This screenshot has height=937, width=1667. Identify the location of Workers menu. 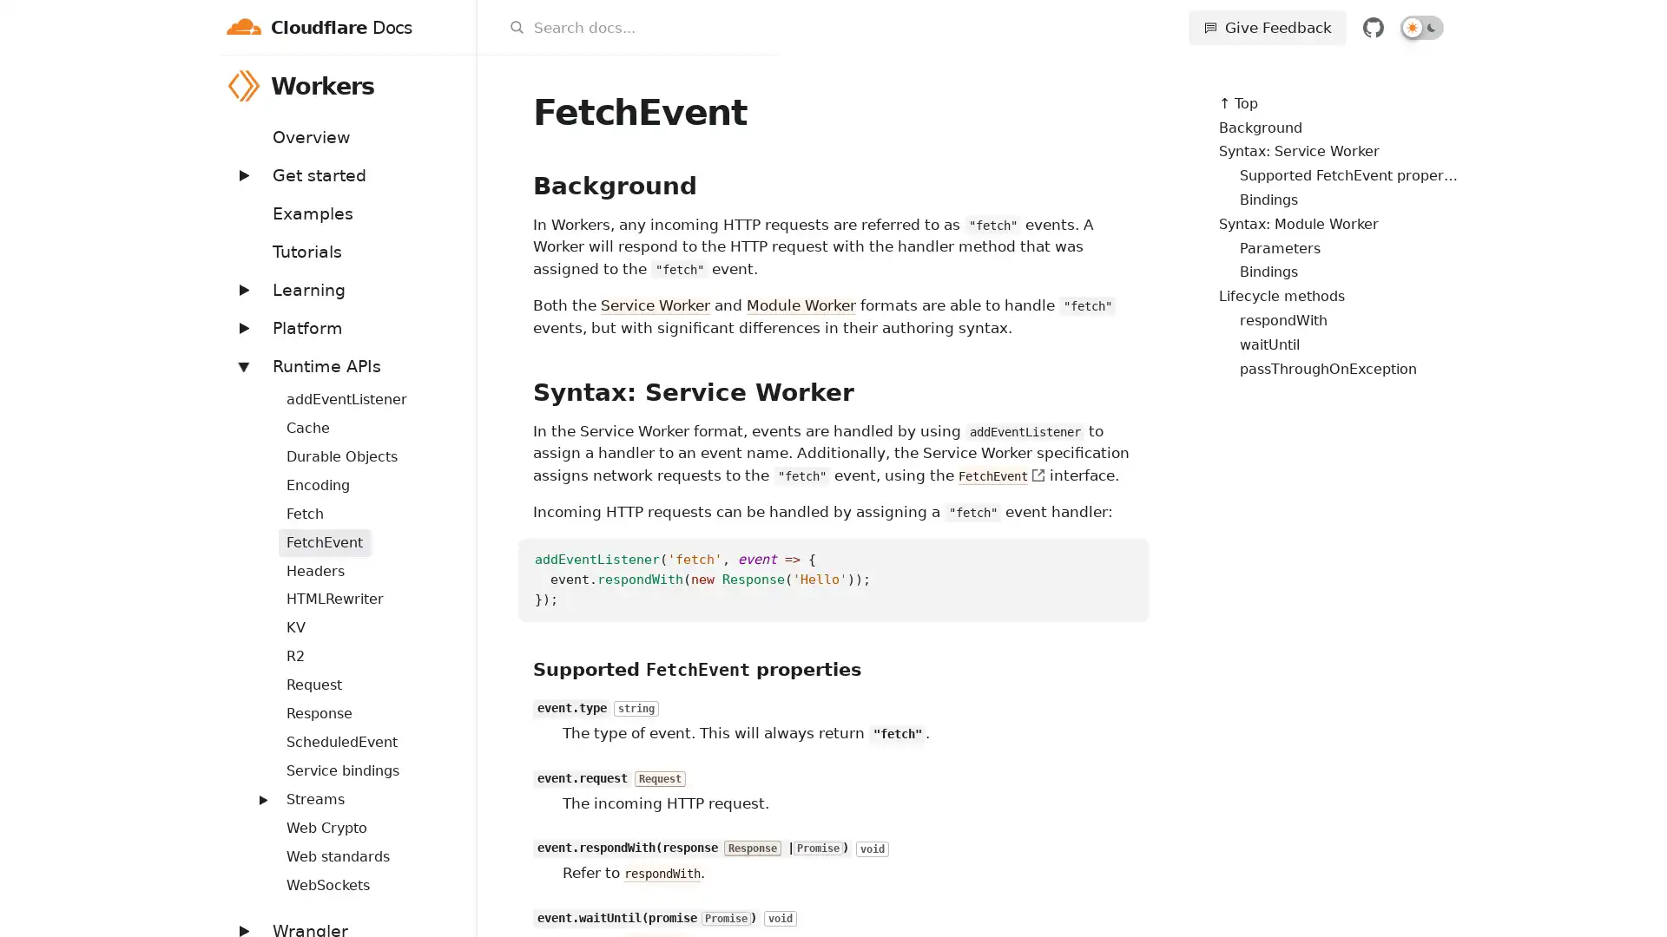
(453, 85).